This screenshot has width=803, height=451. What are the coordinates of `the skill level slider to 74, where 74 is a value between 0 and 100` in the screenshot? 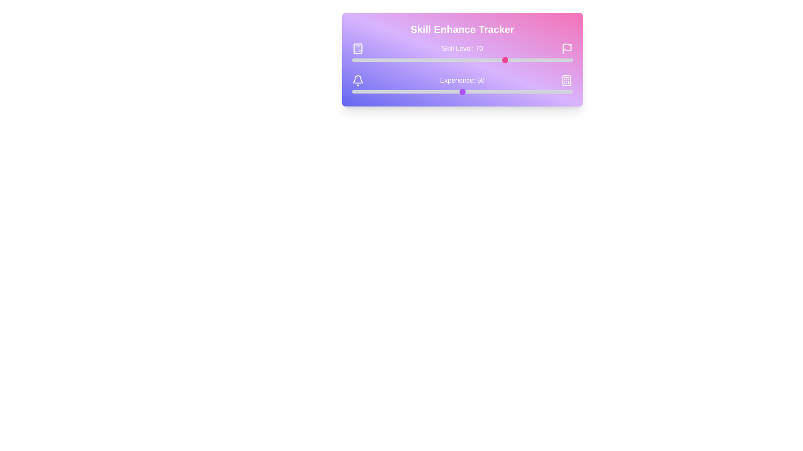 It's located at (515, 59).